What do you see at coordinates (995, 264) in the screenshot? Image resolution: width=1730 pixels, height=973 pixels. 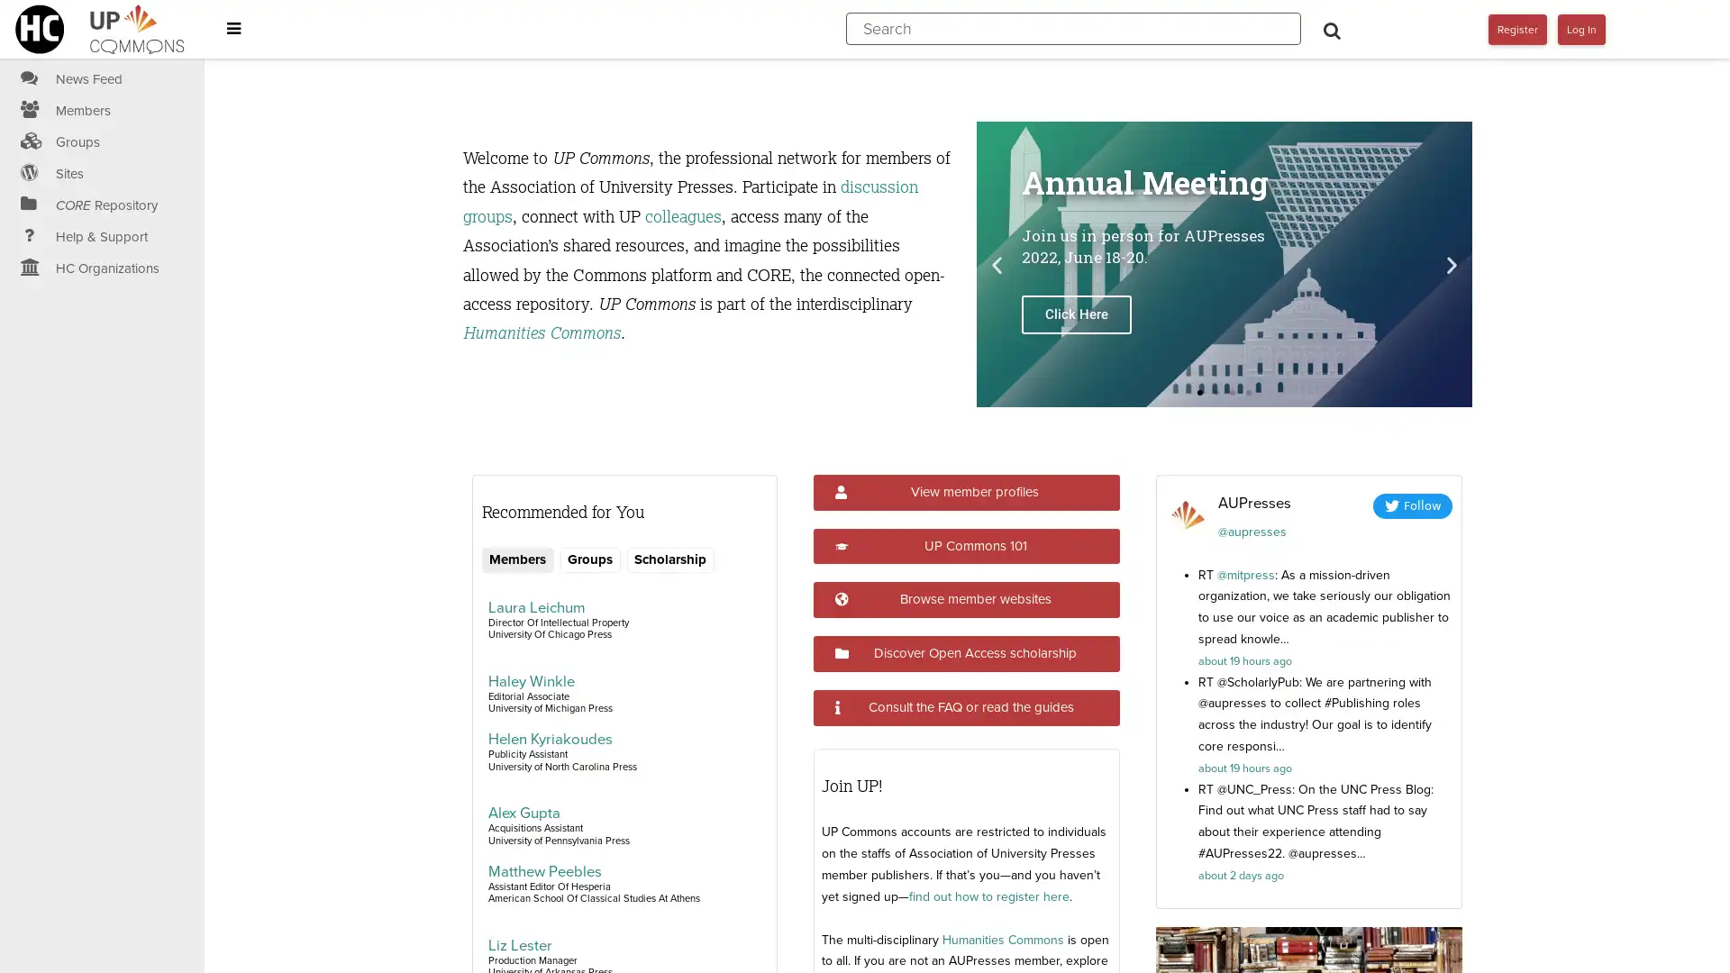 I see `Previous slide` at bounding box center [995, 264].